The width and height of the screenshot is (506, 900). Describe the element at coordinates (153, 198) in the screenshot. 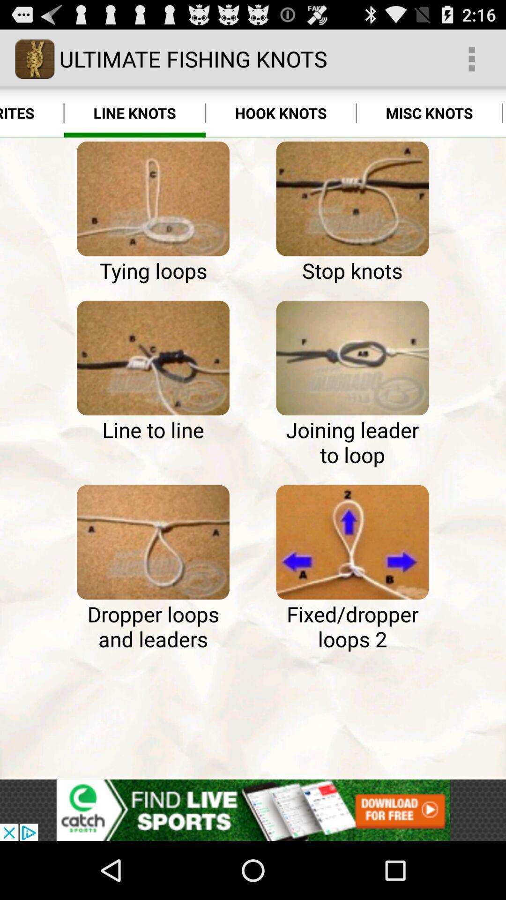

I see `just a image` at that location.